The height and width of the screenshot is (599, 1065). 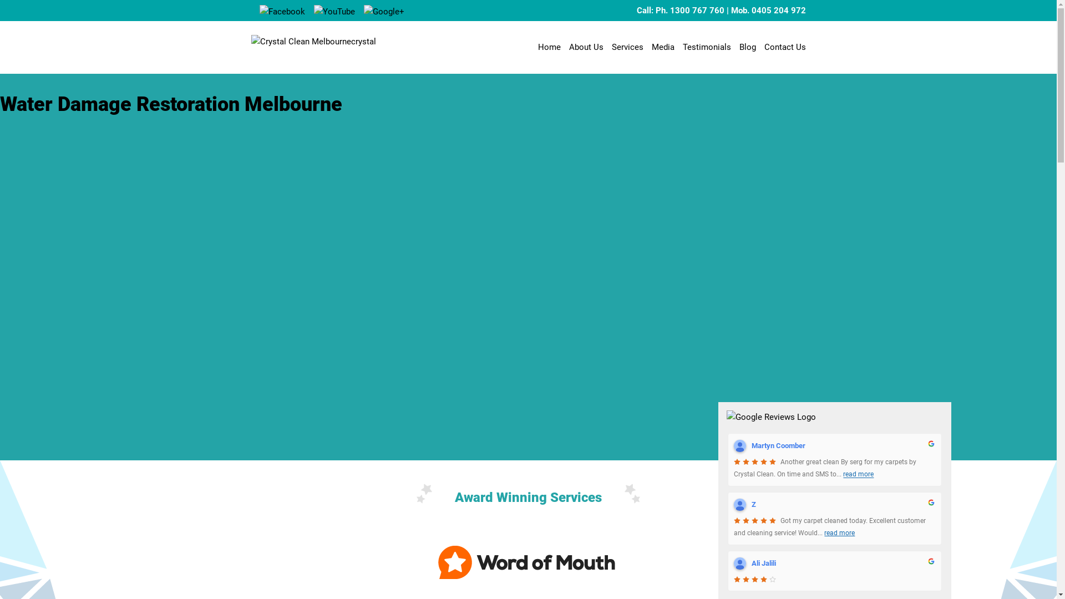 I want to click on '0405 204 972', so click(x=750, y=11).